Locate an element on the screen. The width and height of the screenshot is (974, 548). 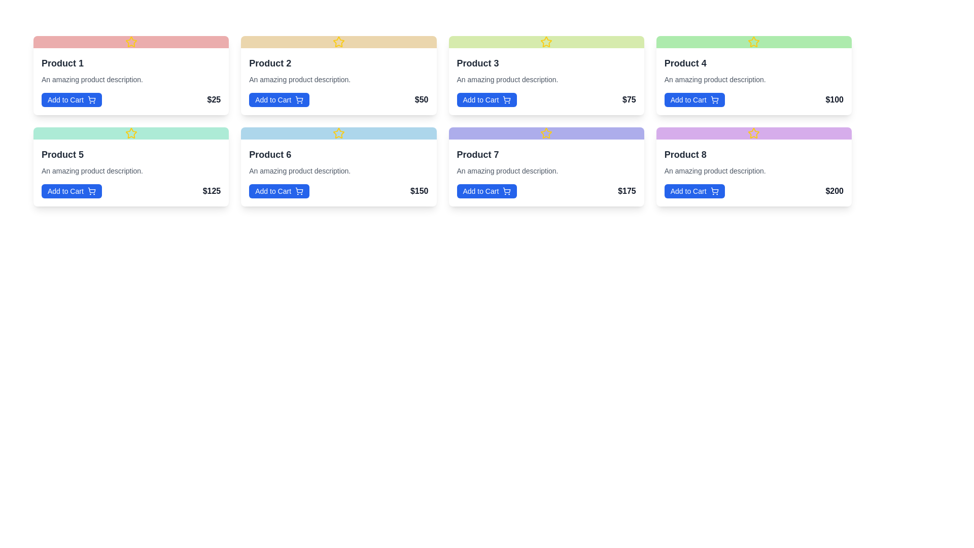
text from the Text Label displaying 'Product 4', which is styled in large, bold, dark gray font and located at the top of its product card is located at coordinates (685, 63).